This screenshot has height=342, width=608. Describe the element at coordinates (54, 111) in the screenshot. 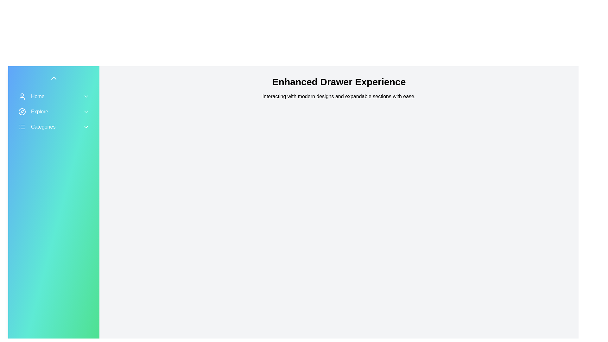

I see `the 'Explore' menu item to toggle its expanded state` at that location.